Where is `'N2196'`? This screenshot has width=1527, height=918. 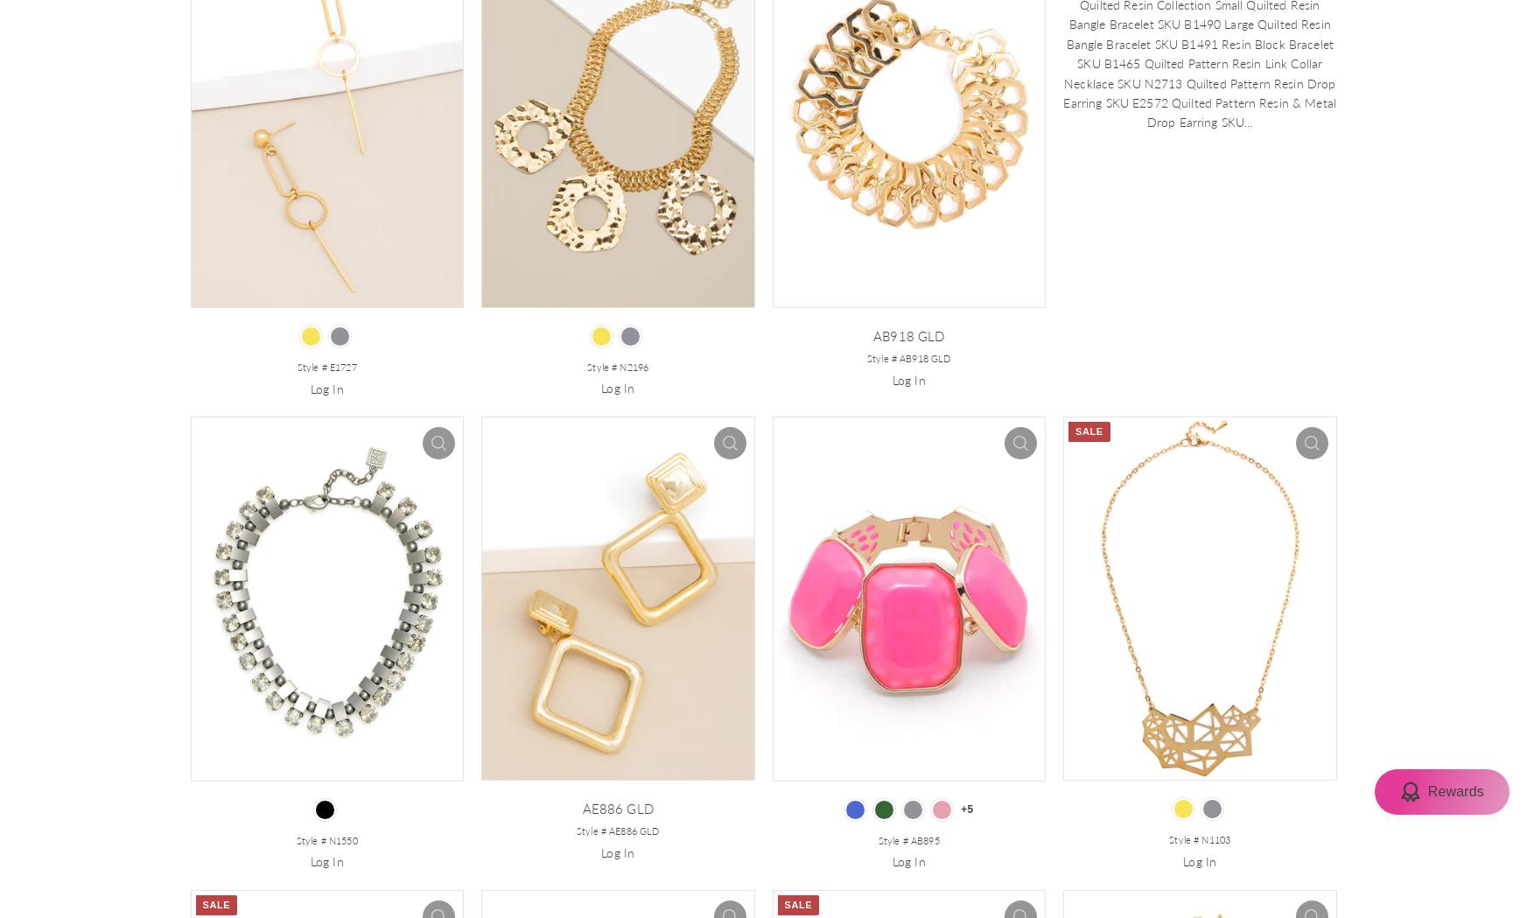 'N2196' is located at coordinates (634, 365).